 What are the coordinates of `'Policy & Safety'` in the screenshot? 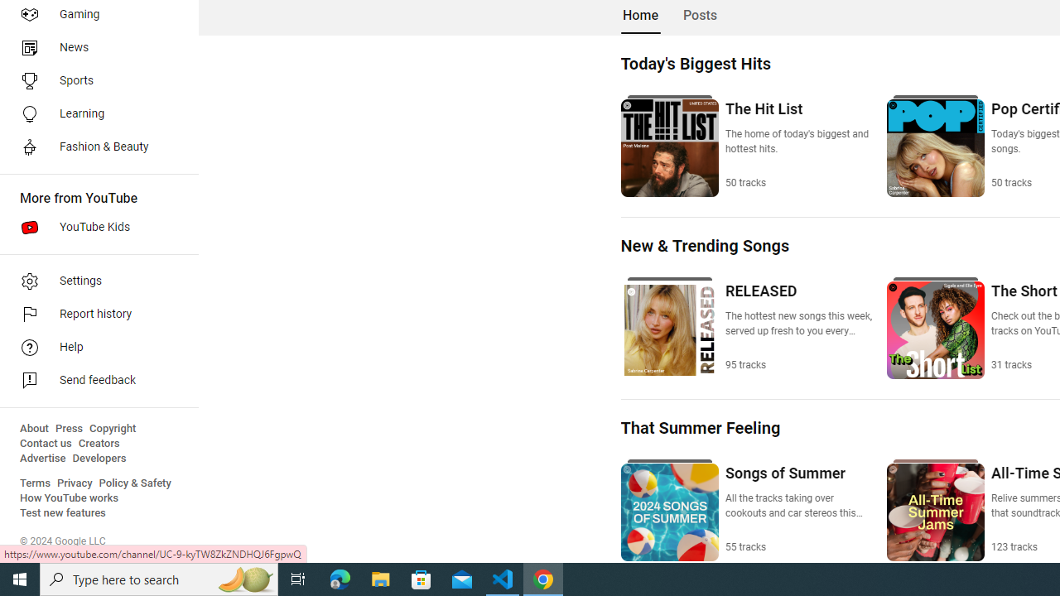 It's located at (135, 483).